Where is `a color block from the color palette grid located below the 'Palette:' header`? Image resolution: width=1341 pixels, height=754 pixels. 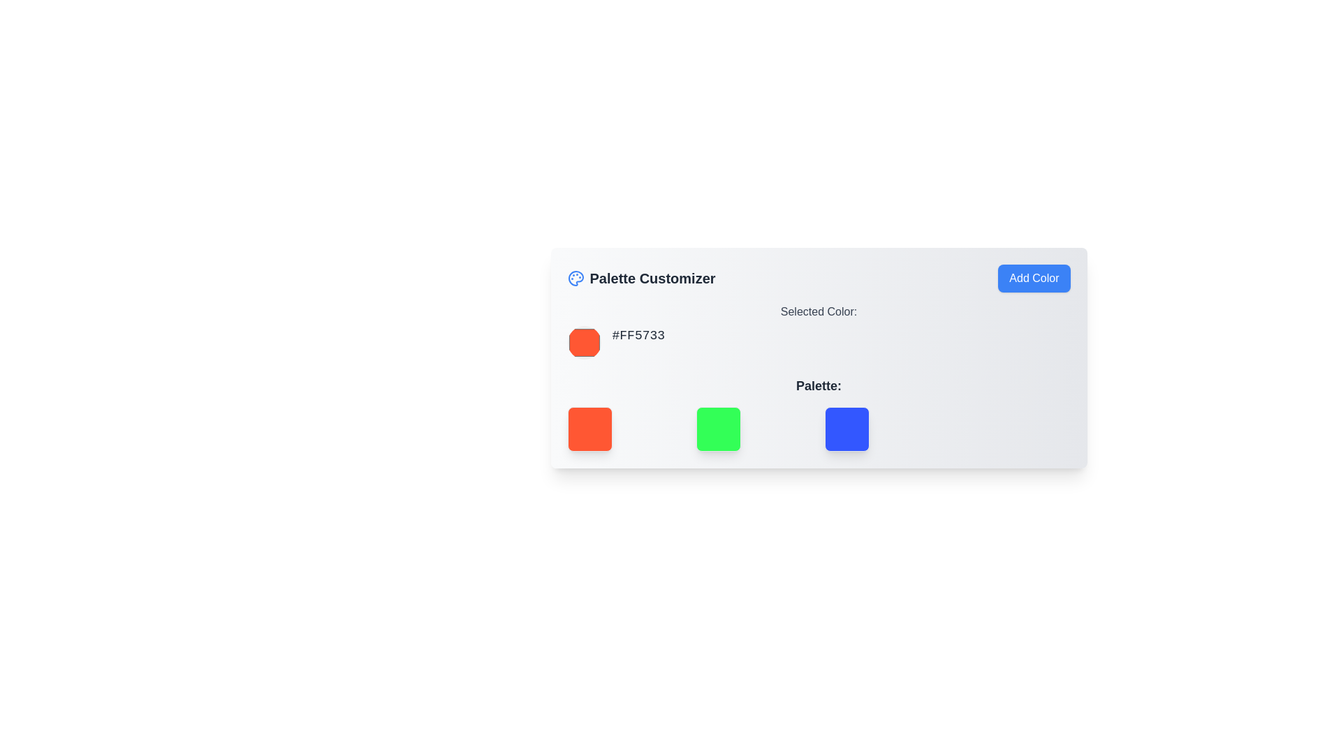
a color block from the color palette grid located below the 'Palette:' header is located at coordinates (819, 428).